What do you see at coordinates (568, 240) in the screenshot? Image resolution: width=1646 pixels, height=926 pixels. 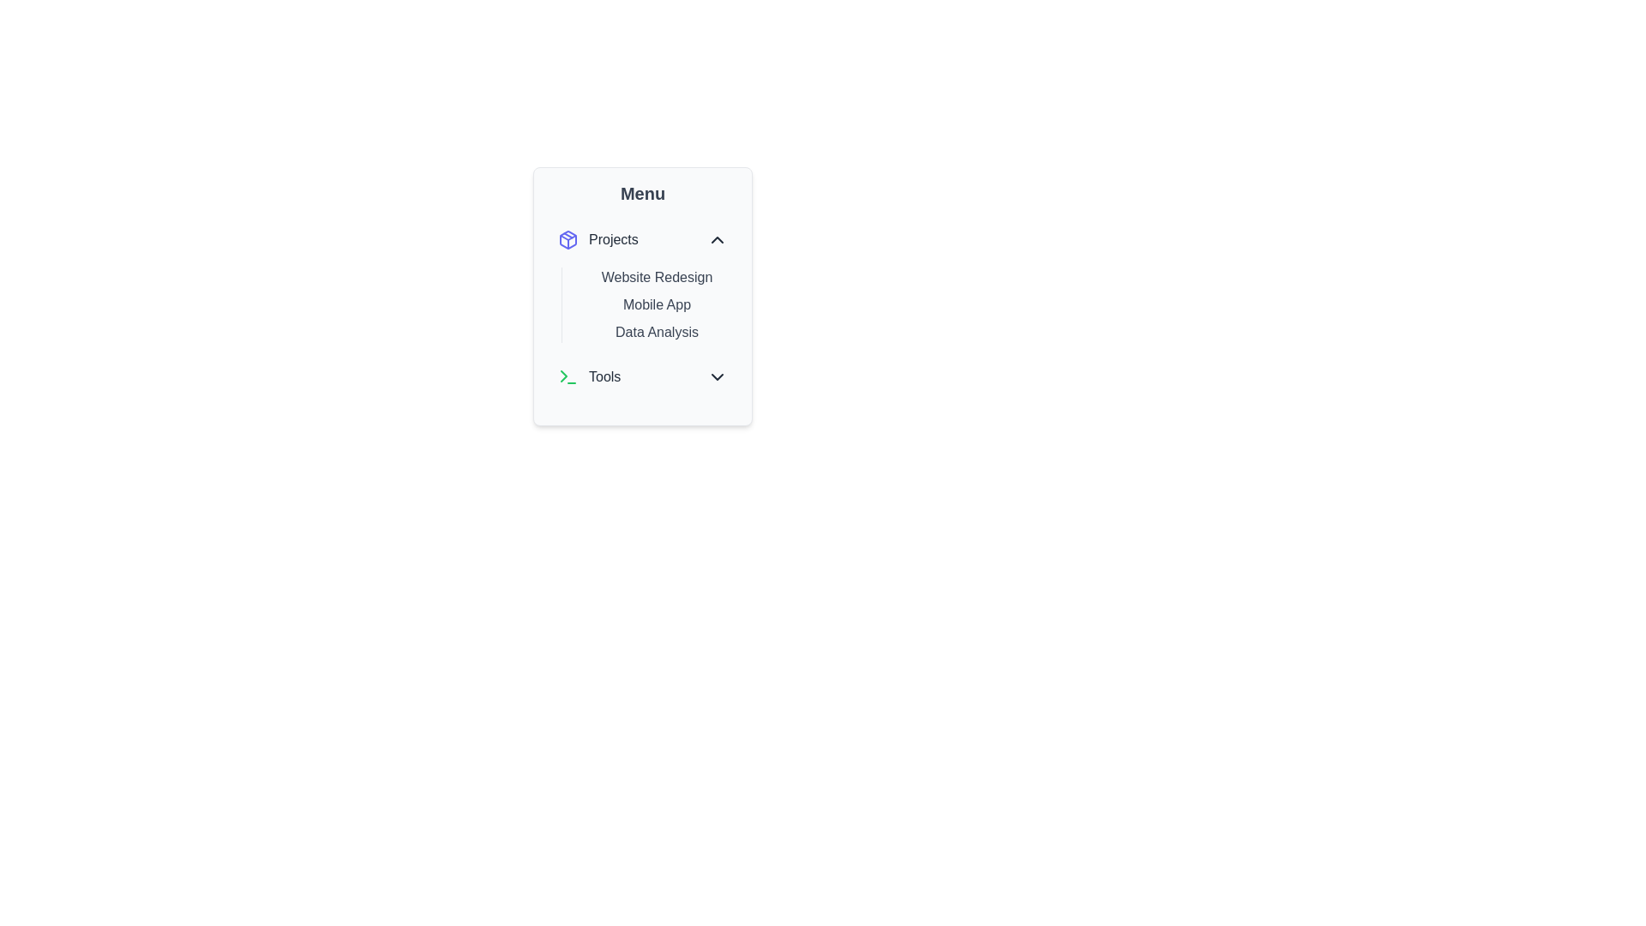 I see `the indigo 3D box icon` at bounding box center [568, 240].